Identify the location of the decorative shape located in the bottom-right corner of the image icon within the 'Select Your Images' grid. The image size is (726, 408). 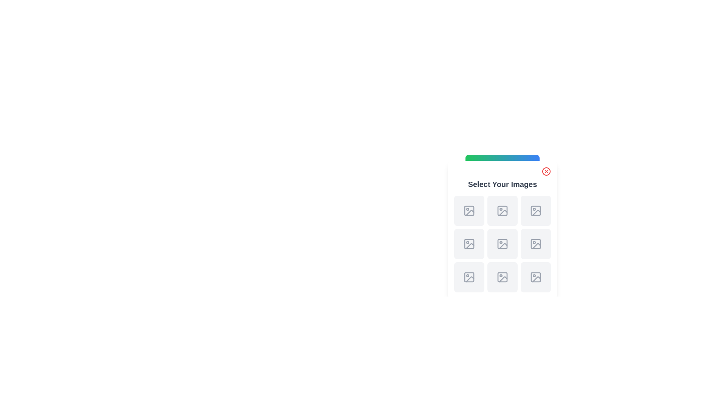
(469, 277).